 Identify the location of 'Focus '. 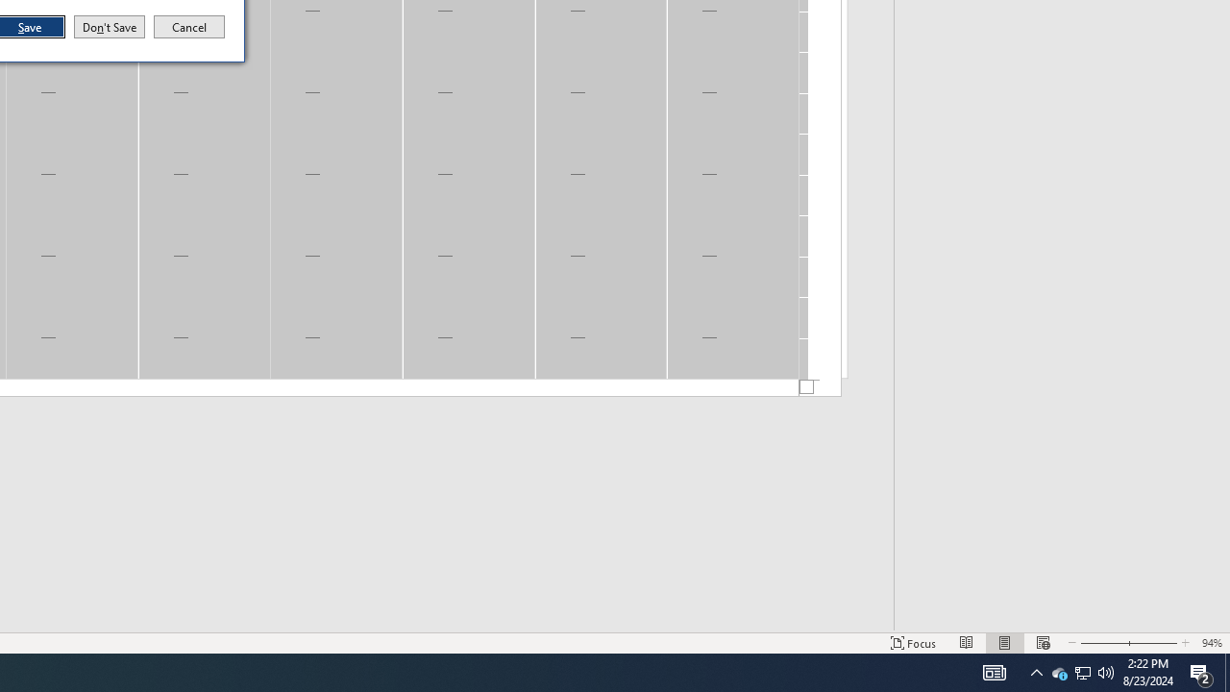
(913, 643).